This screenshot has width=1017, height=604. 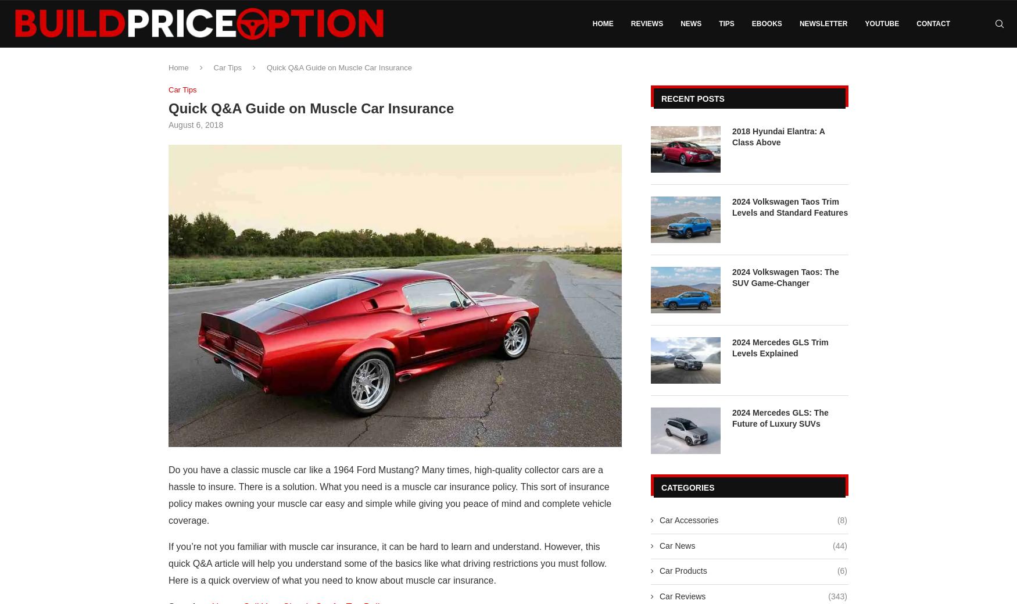 I want to click on 'Car Products', so click(x=682, y=570).